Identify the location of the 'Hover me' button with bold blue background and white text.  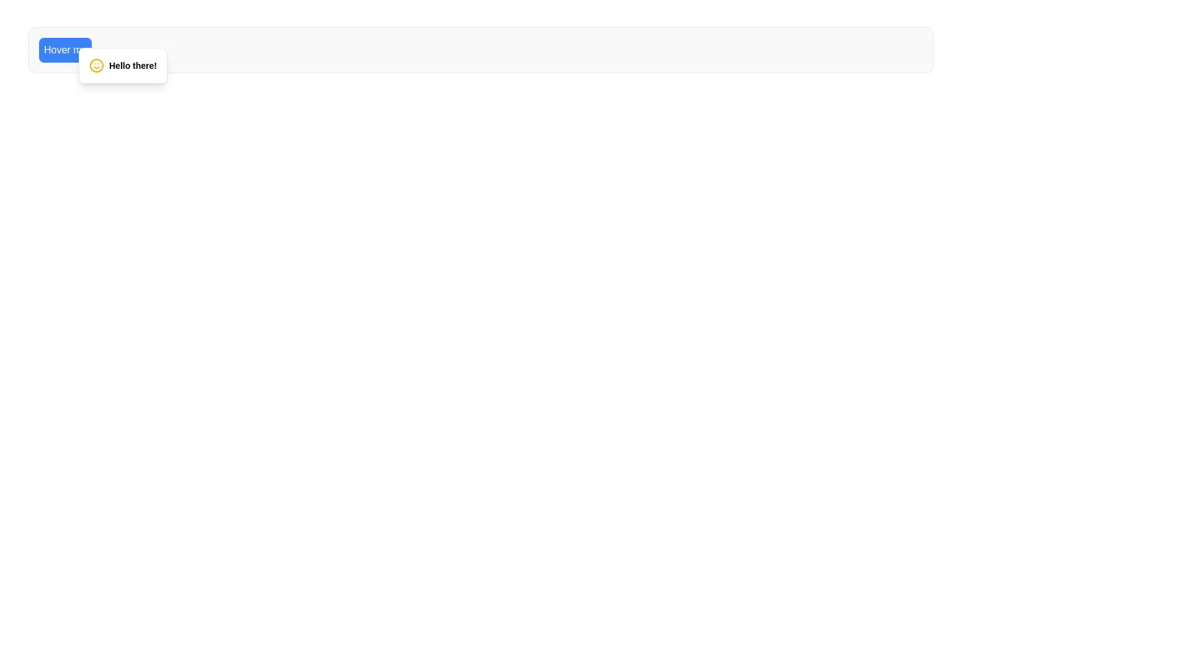
(65, 50).